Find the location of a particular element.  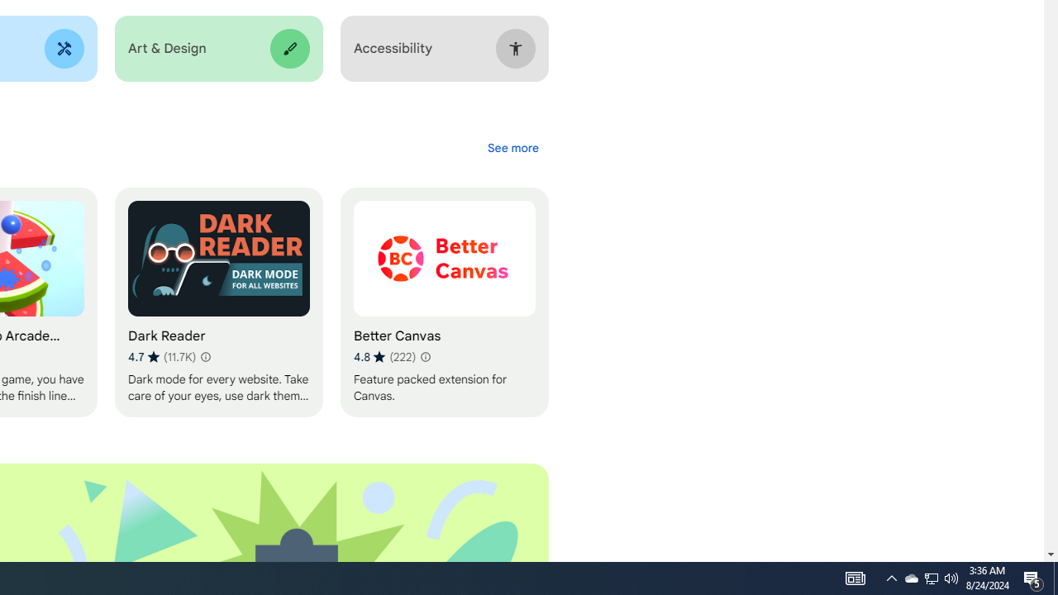

'Learn more about results and reviews "Better Canvas"' is located at coordinates (424, 356).